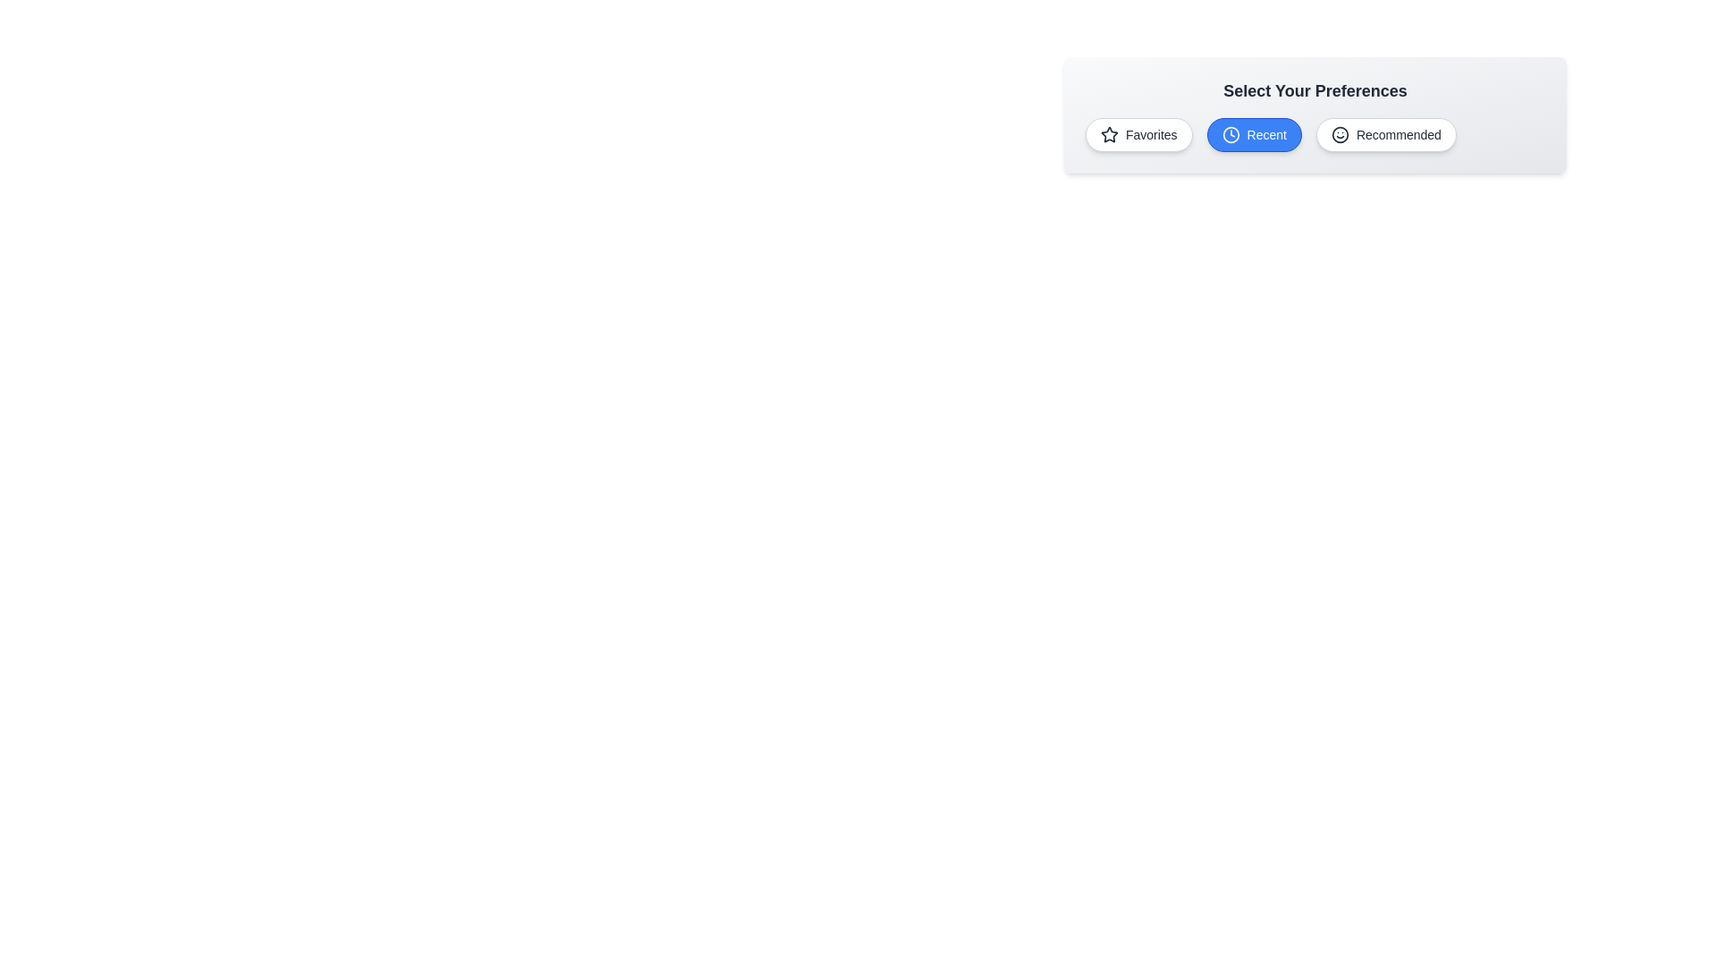  What do you see at coordinates (1138, 133) in the screenshot?
I see `the chip labeled Favorites to observe its hover effect` at bounding box center [1138, 133].